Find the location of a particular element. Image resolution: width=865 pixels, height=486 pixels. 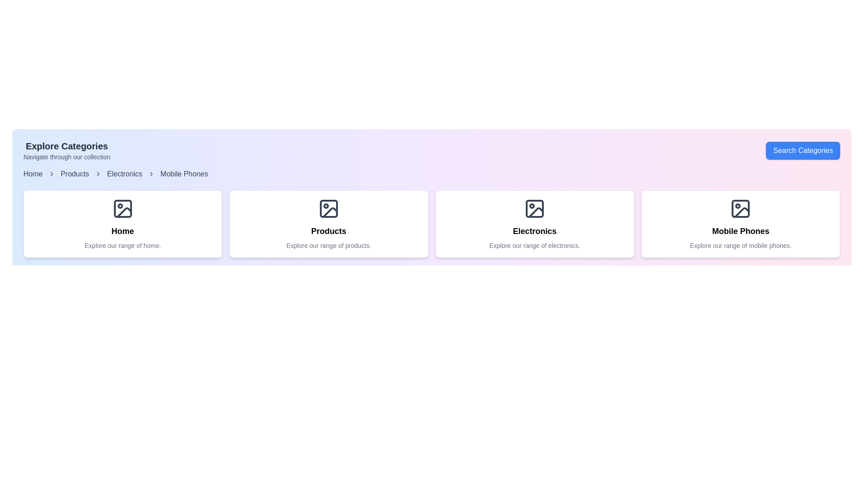

the section title text label located at the top-left corner of the interface, which provides context for the content that follows is located at coordinates (66, 145).